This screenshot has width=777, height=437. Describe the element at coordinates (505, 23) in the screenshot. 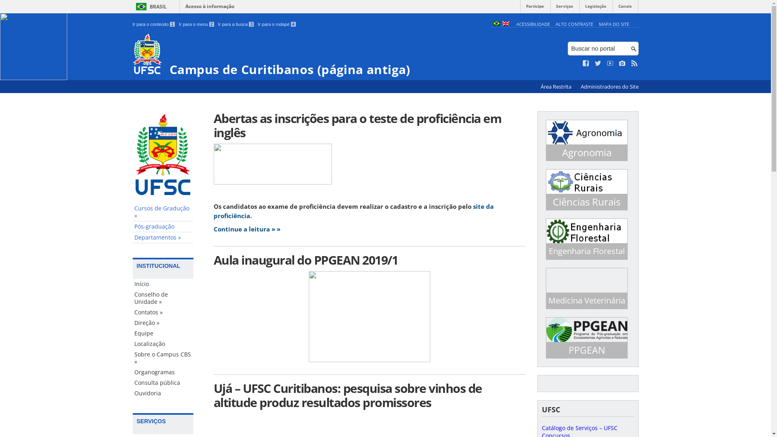

I see `'English (en)'` at that location.